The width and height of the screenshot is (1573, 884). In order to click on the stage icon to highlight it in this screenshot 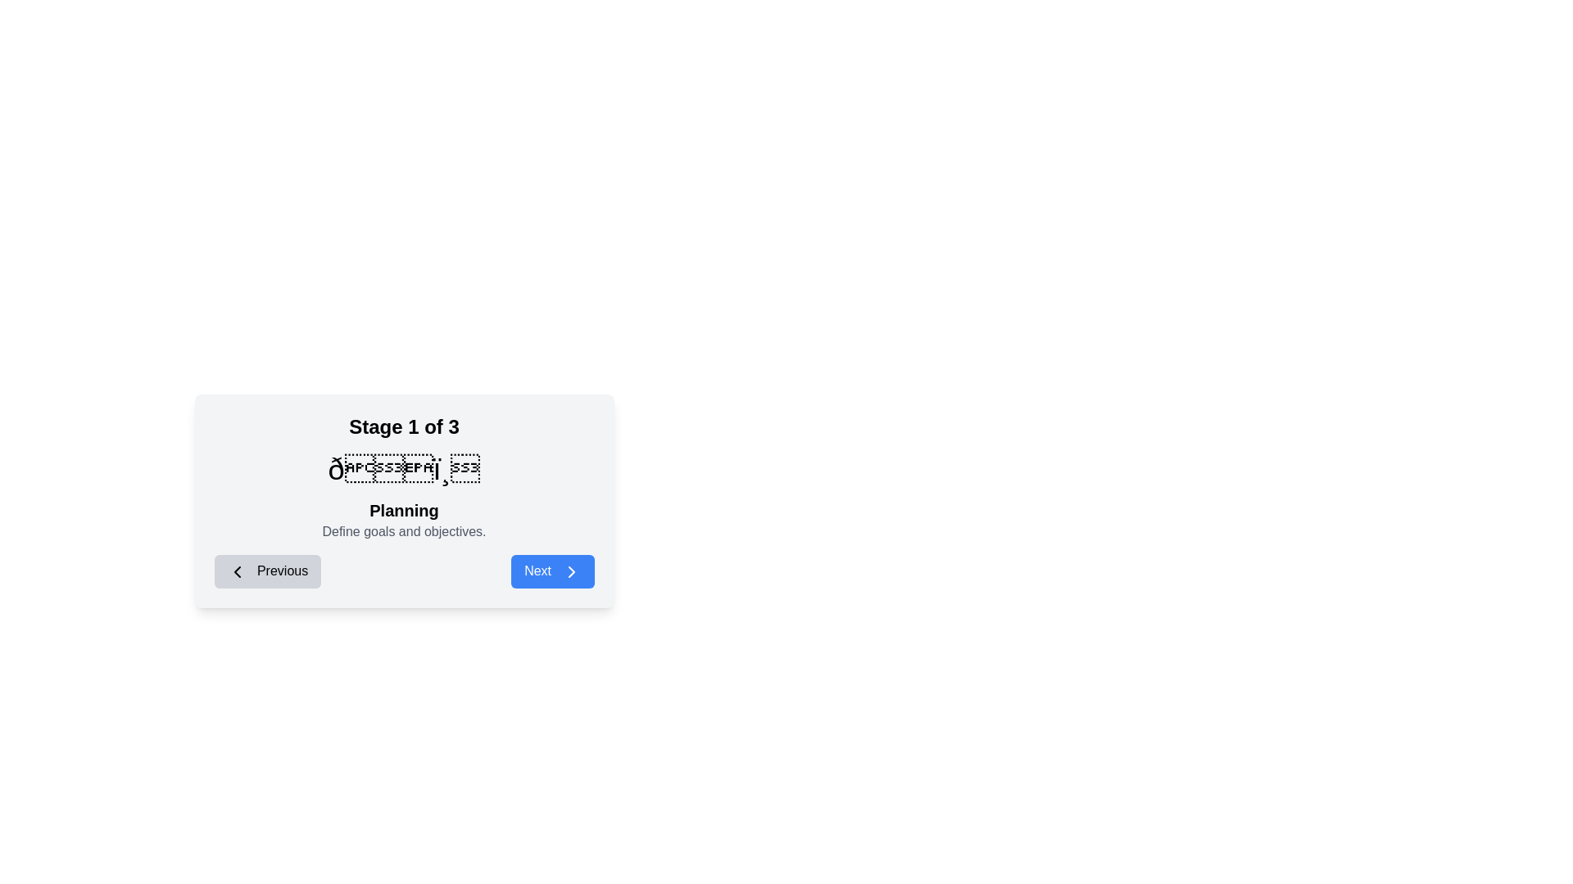, I will do `click(404, 470)`.